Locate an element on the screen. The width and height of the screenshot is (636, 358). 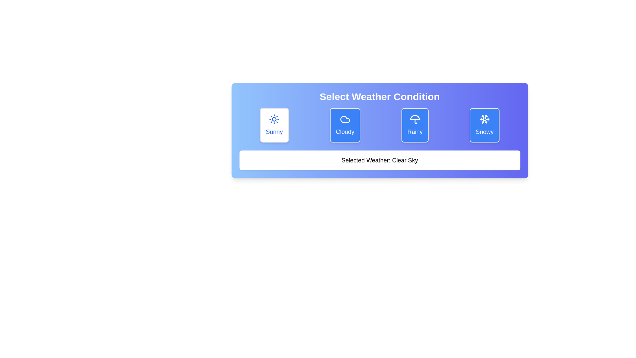
the 'Rainy' weather condition button, which is the third button in a horizontal list of weather buttons is located at coordinates (415, 125).